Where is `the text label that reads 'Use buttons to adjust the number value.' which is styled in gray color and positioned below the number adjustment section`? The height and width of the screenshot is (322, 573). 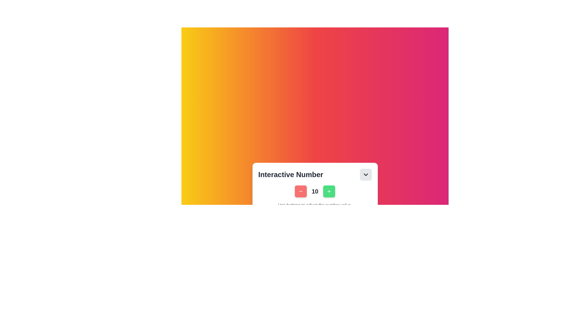
the text label that reads 'Use buttons to adjust the number value.' which is styled in gray color and positioned below the number adjustment section is located at coordinates (315, 205).